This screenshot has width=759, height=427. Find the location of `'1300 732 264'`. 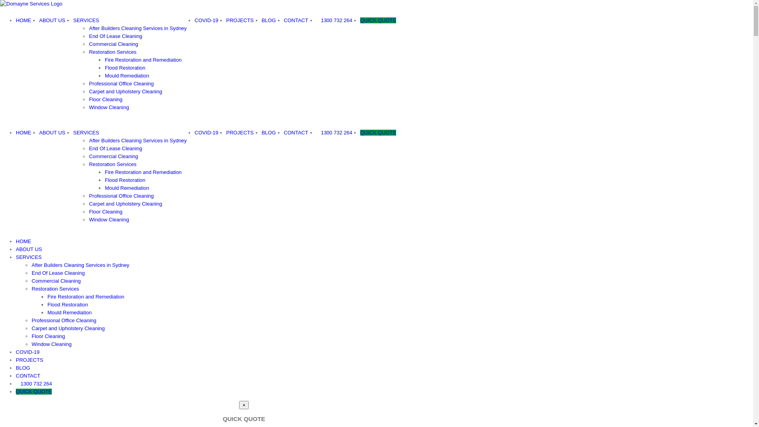

'1300 732 264' is located at coordinates (334, 20).